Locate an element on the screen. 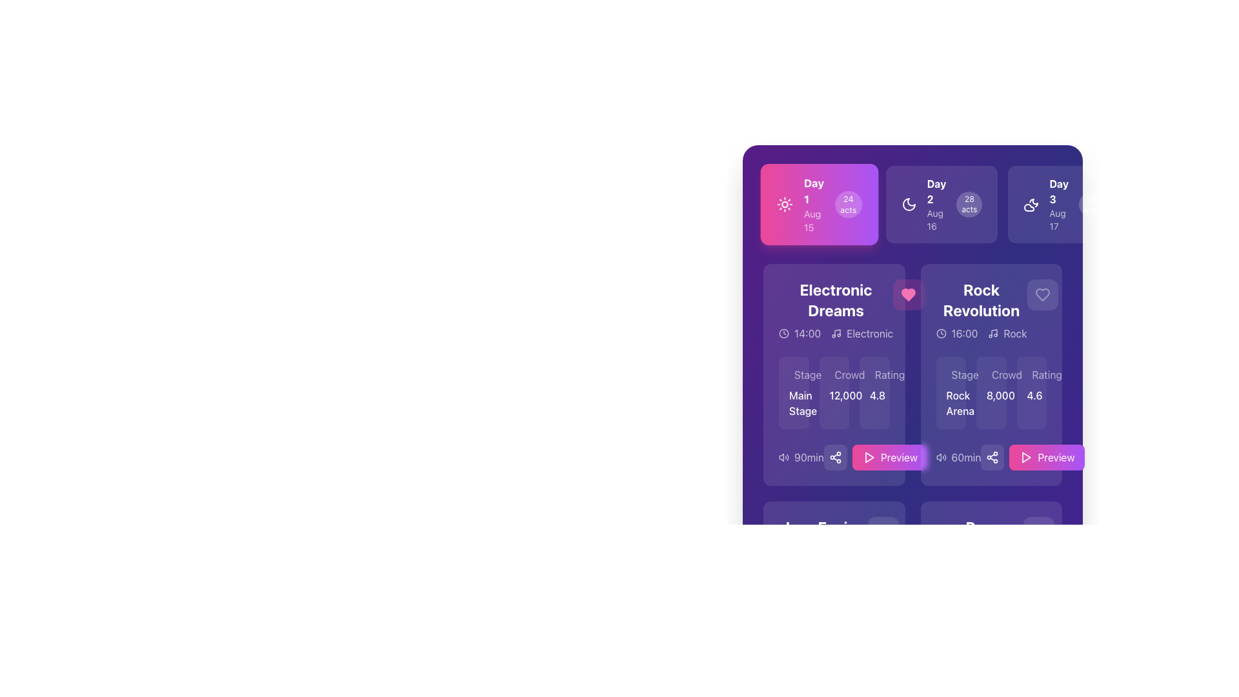 This screenshot has width=1239, height=697. the 'Preview' button located at the bottom-right corner of the 'Rock Revolution' card, which allows users is located at coordinates (1056, 457).